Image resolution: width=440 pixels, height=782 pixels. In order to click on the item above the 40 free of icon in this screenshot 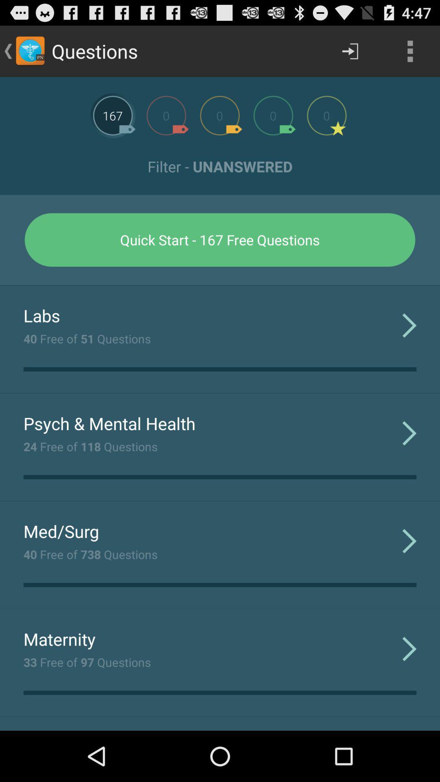, I will do `click(61, 531)`.